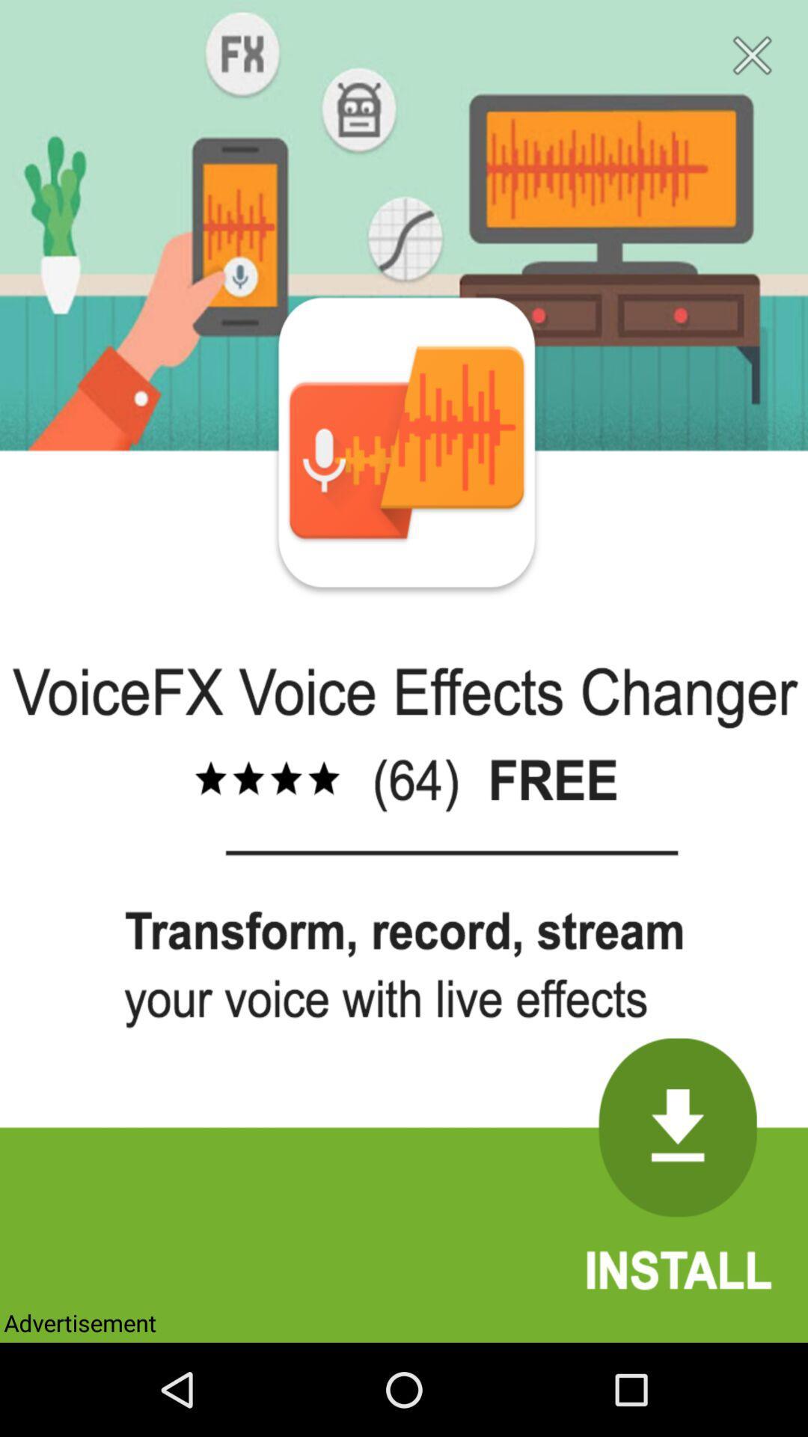  What do you see at coordinates (752, 55) in the screenshot?
I see `close` at bounding box center [752, 55].